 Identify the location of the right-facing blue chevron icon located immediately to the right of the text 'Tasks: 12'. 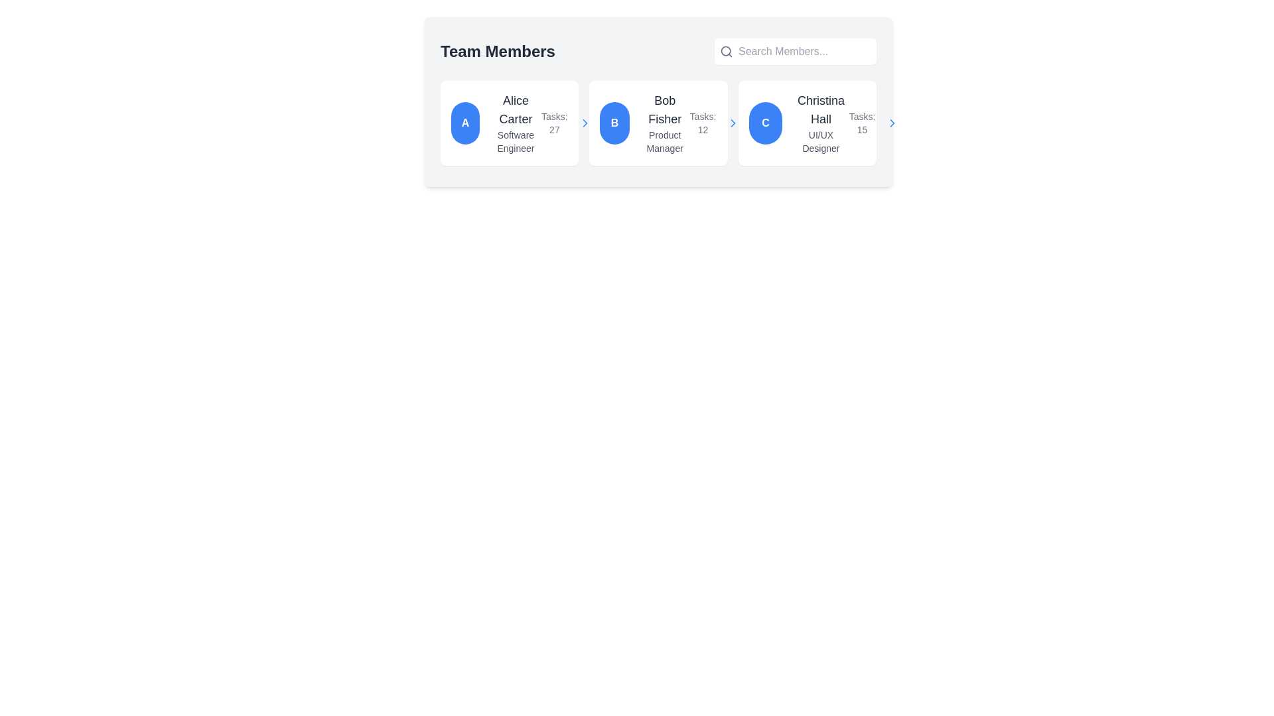
(733, 123).